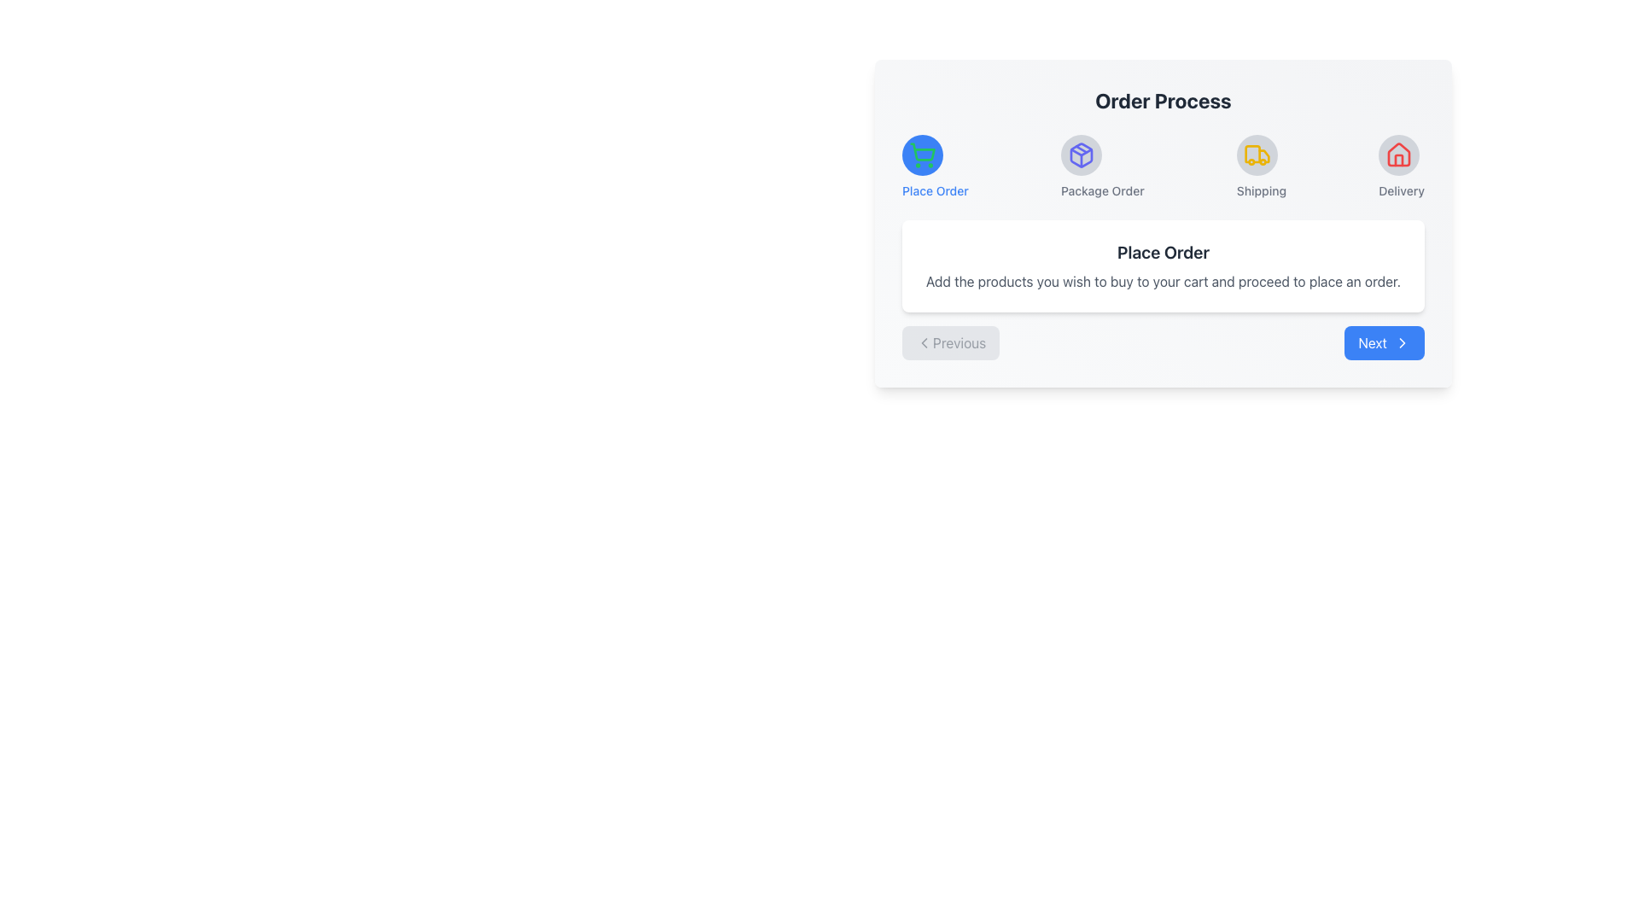  I want to click on the icon that visually reinforces proceeding to the next step, located at the far right of the 'Next' button in the bottom right corner of the interface, so click(1402, 342).